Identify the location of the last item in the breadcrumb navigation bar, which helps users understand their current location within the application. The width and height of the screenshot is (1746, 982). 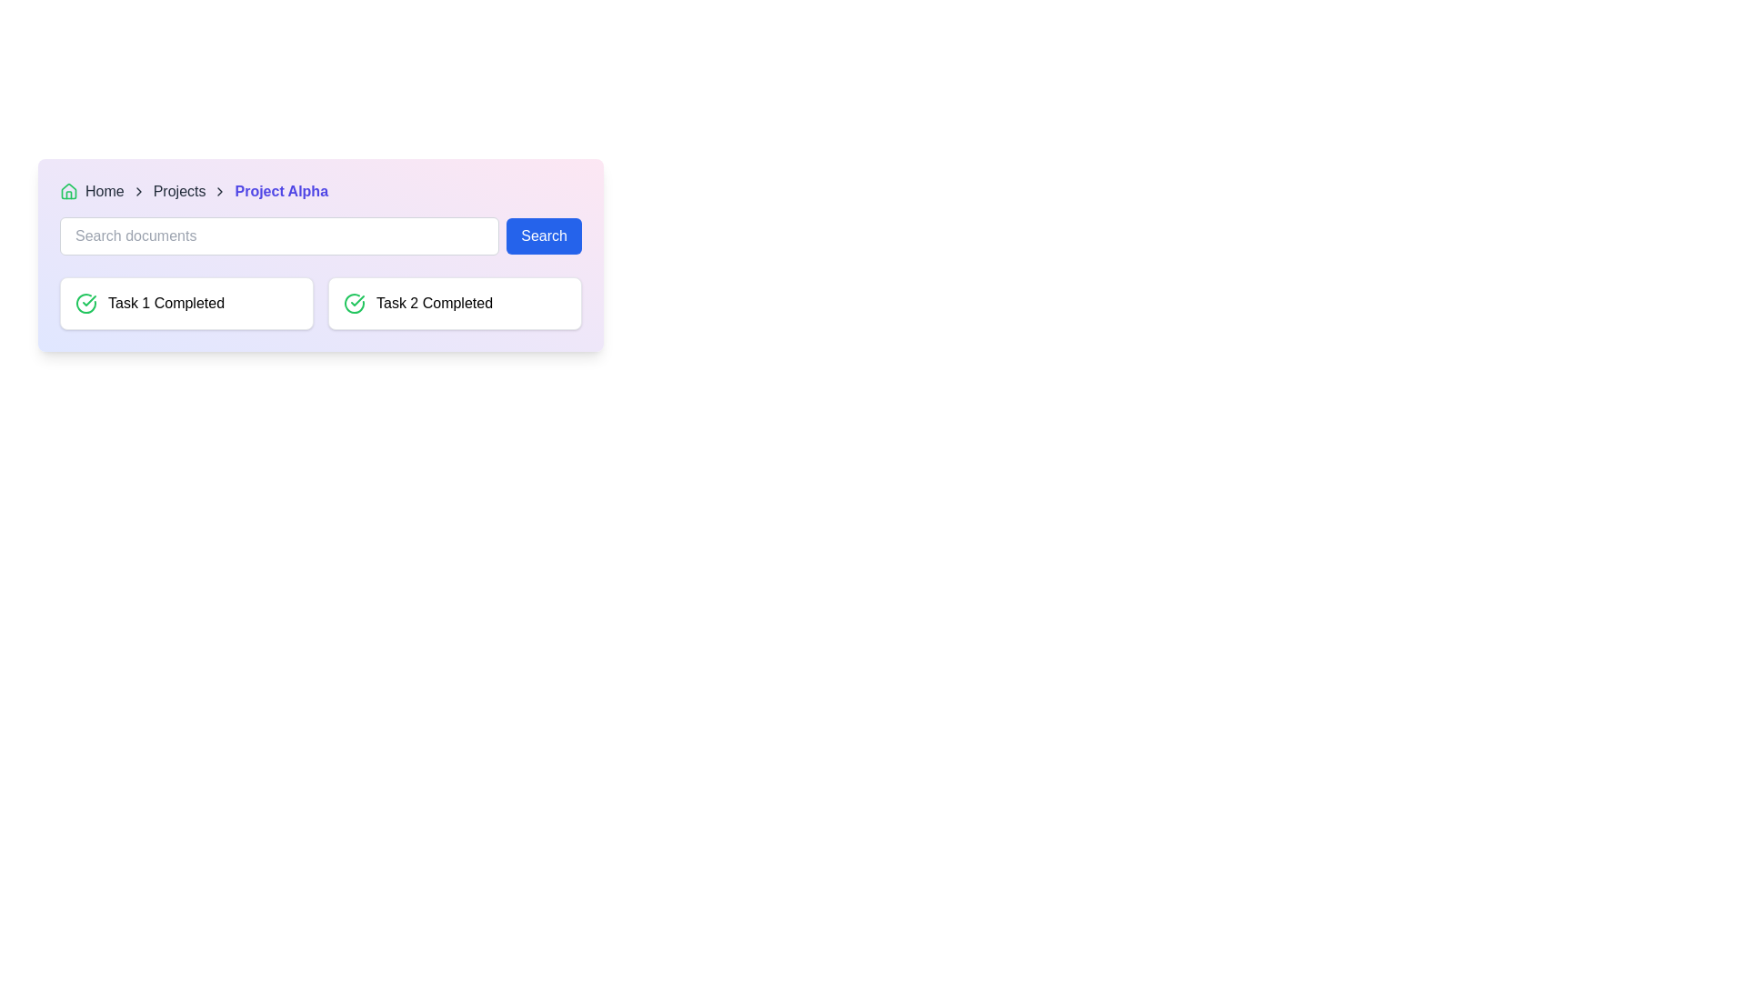
(280, 192).